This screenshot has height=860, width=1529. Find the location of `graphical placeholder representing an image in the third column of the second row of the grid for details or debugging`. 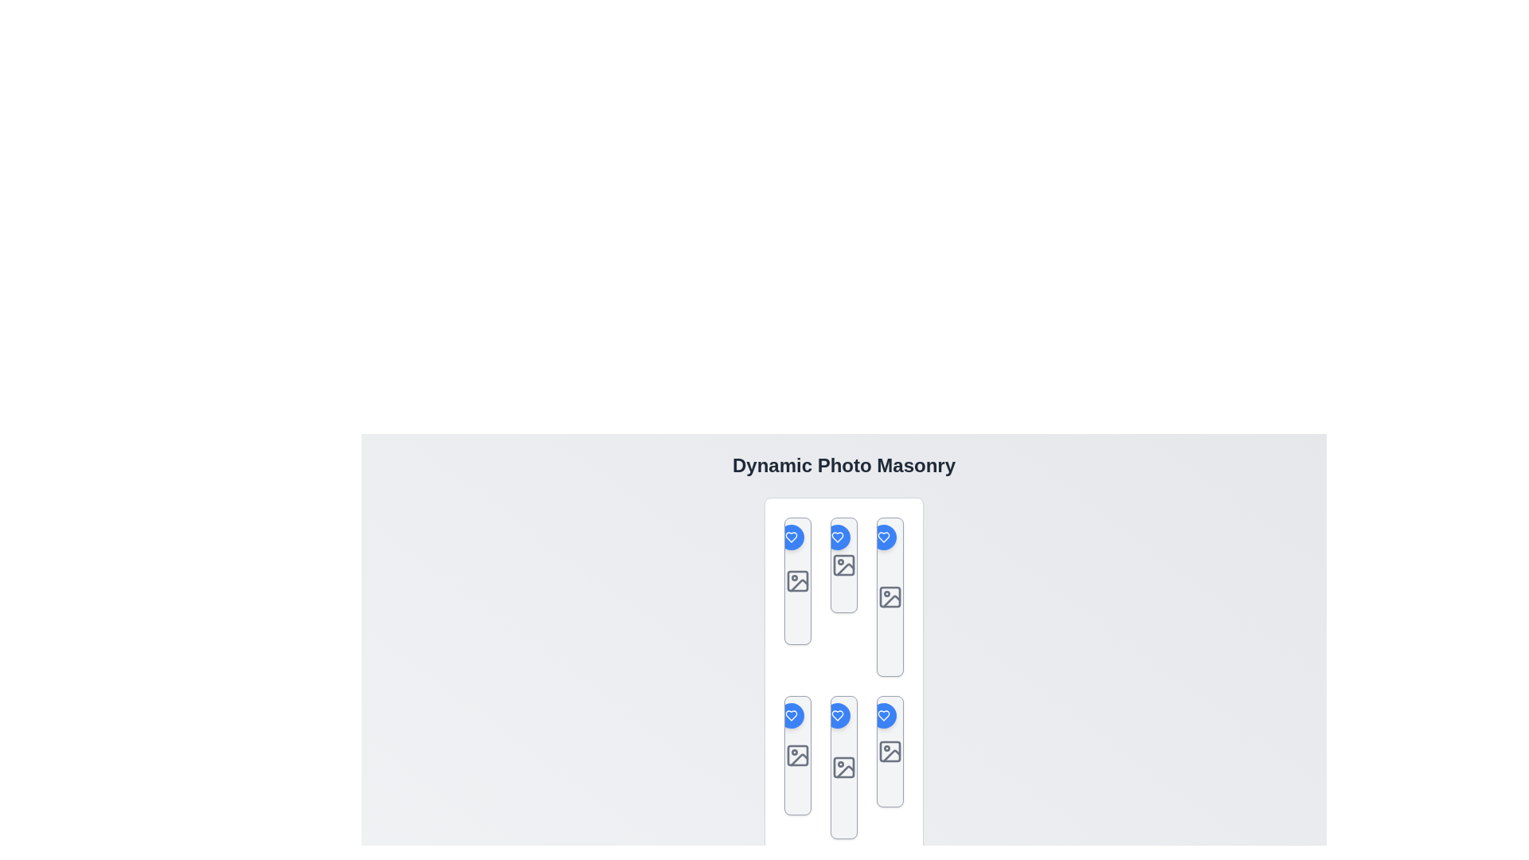

graphical placeholder representing an image in the third column of the second row of the grid for details or debugging is located at coordinates (890, 596).